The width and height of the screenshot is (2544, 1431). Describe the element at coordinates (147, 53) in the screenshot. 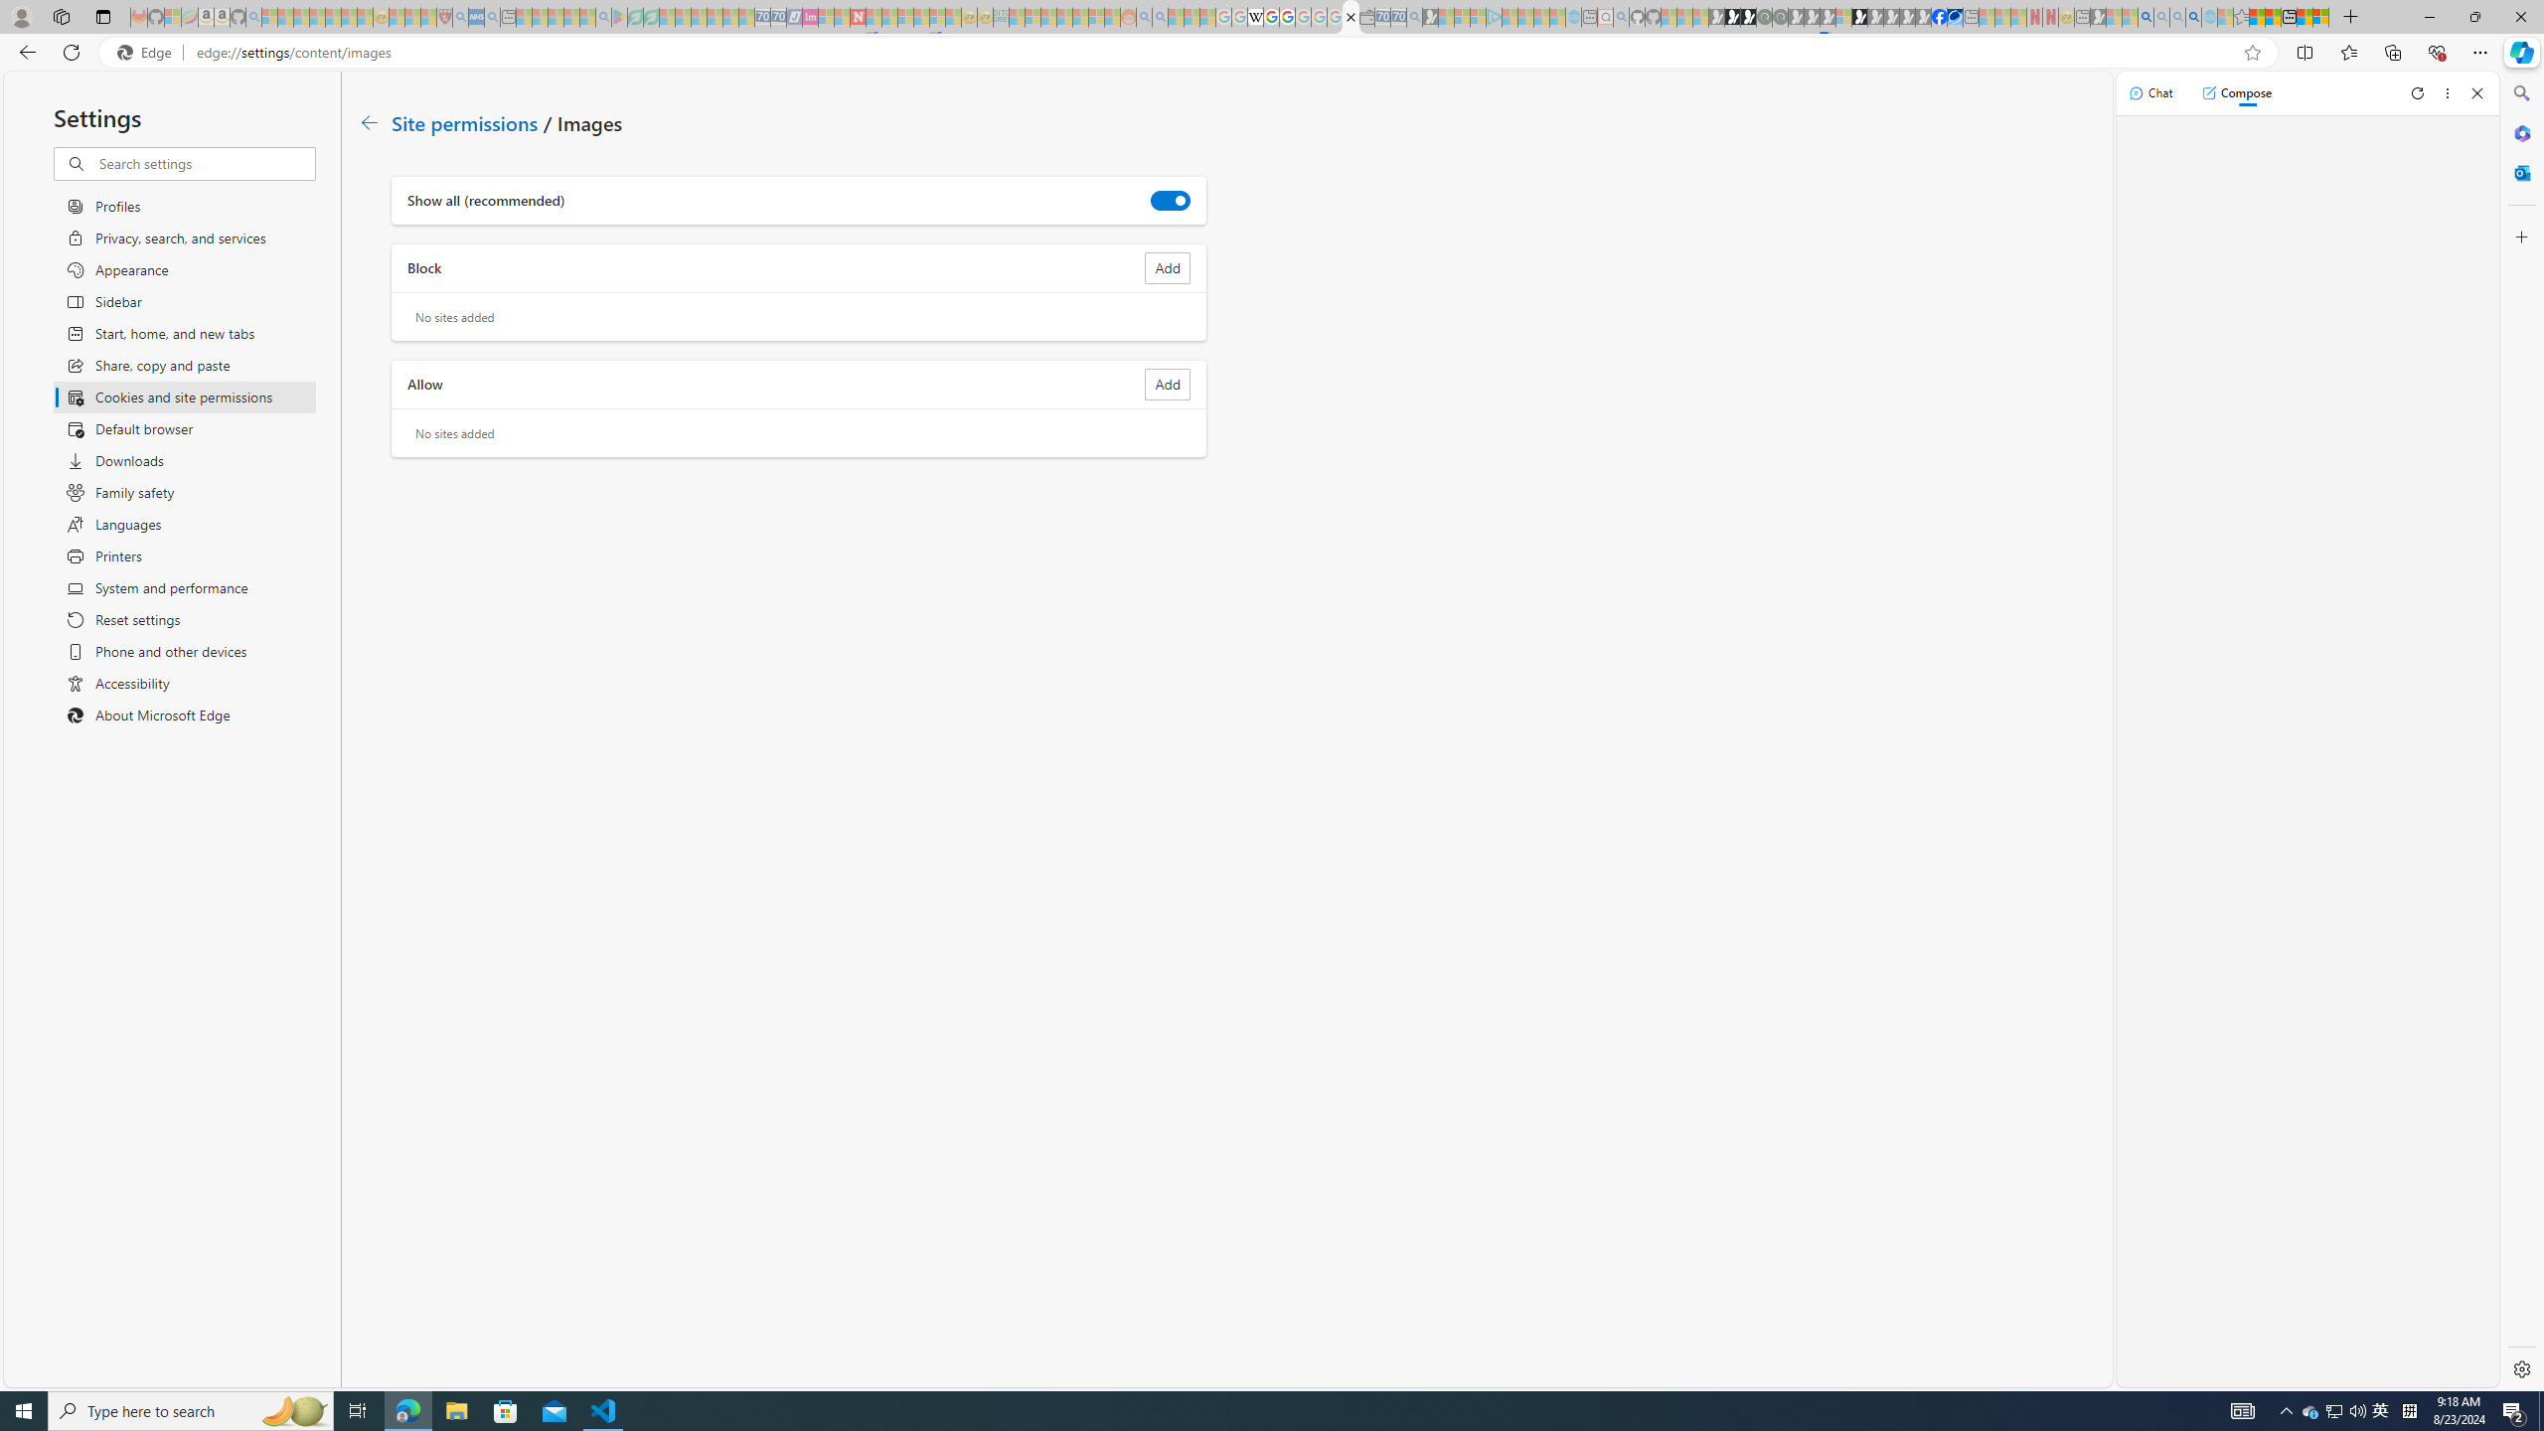

I see `'Edge'` at that location.